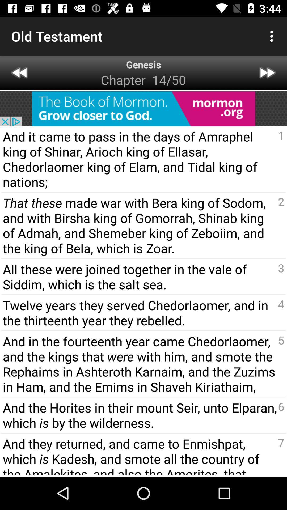 Image resolution: width=287 pixels, height=510 pixels. What do you see at coordinates (143, 108) in the screenshot?
I see `site` at bounding box center [143, 108].